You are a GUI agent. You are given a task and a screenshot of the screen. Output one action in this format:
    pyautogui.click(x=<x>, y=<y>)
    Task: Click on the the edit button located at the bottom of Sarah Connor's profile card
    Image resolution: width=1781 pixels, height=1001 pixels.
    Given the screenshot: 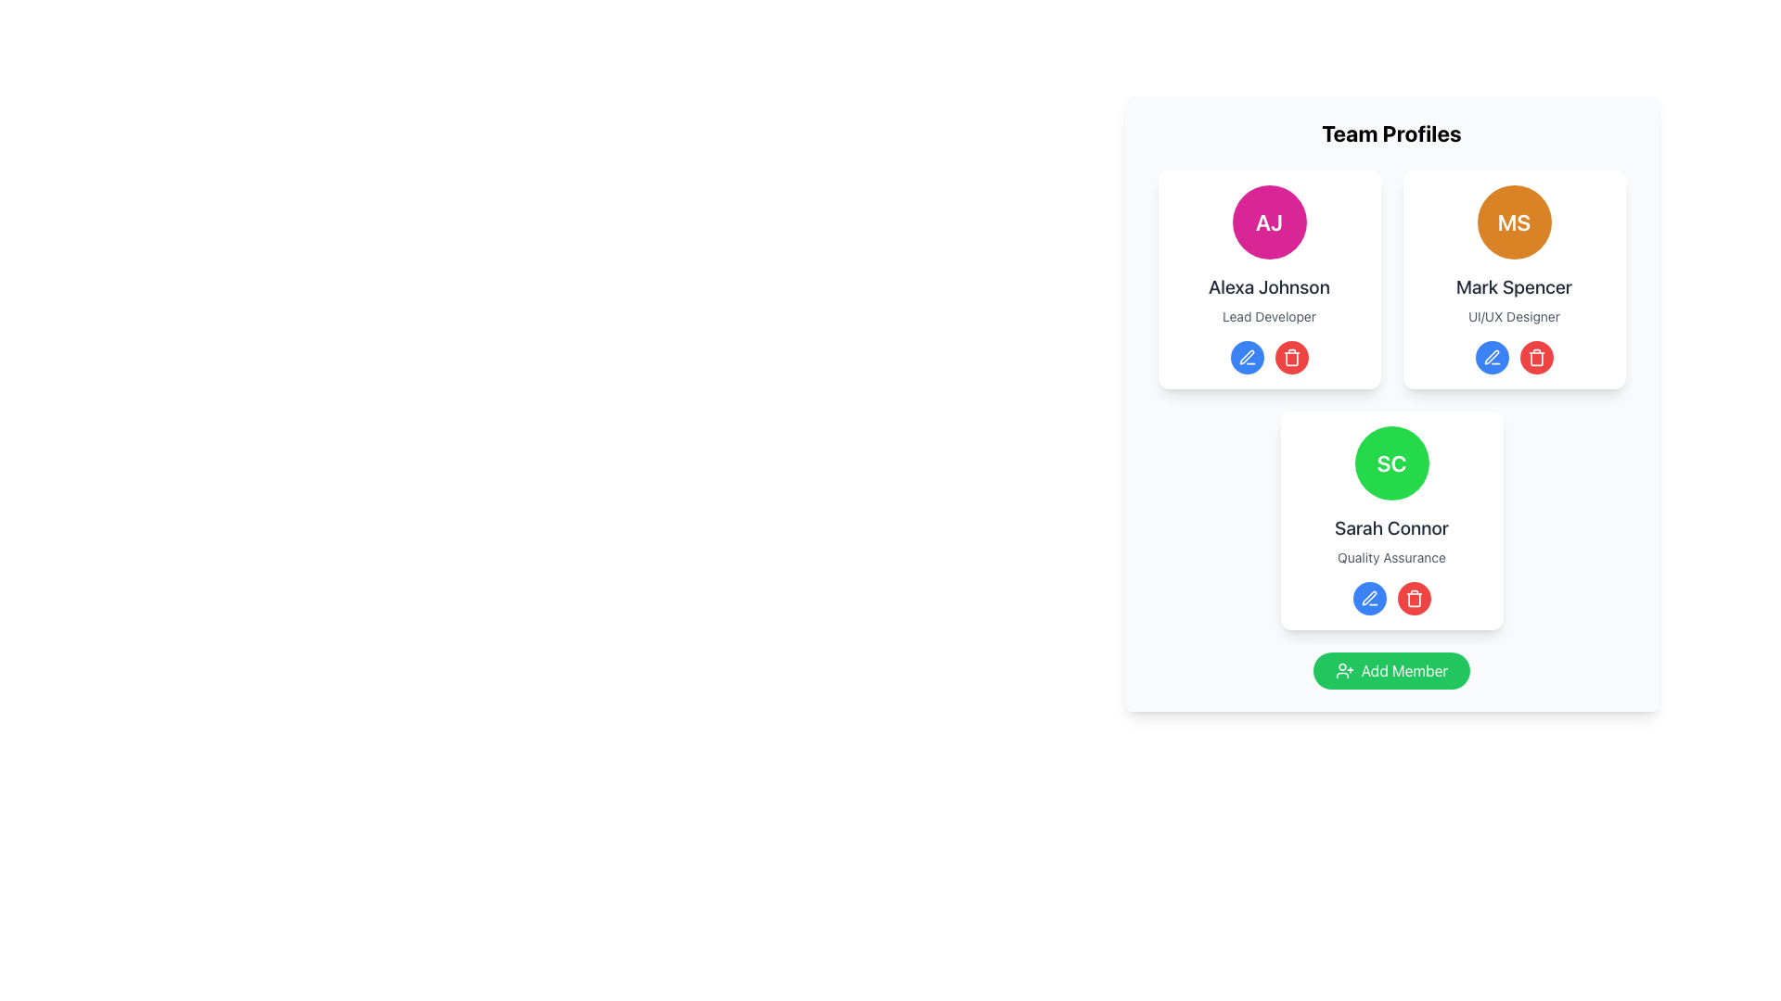 What is the action you would take?
    pyautogui.click(x=1369, y=597)
    